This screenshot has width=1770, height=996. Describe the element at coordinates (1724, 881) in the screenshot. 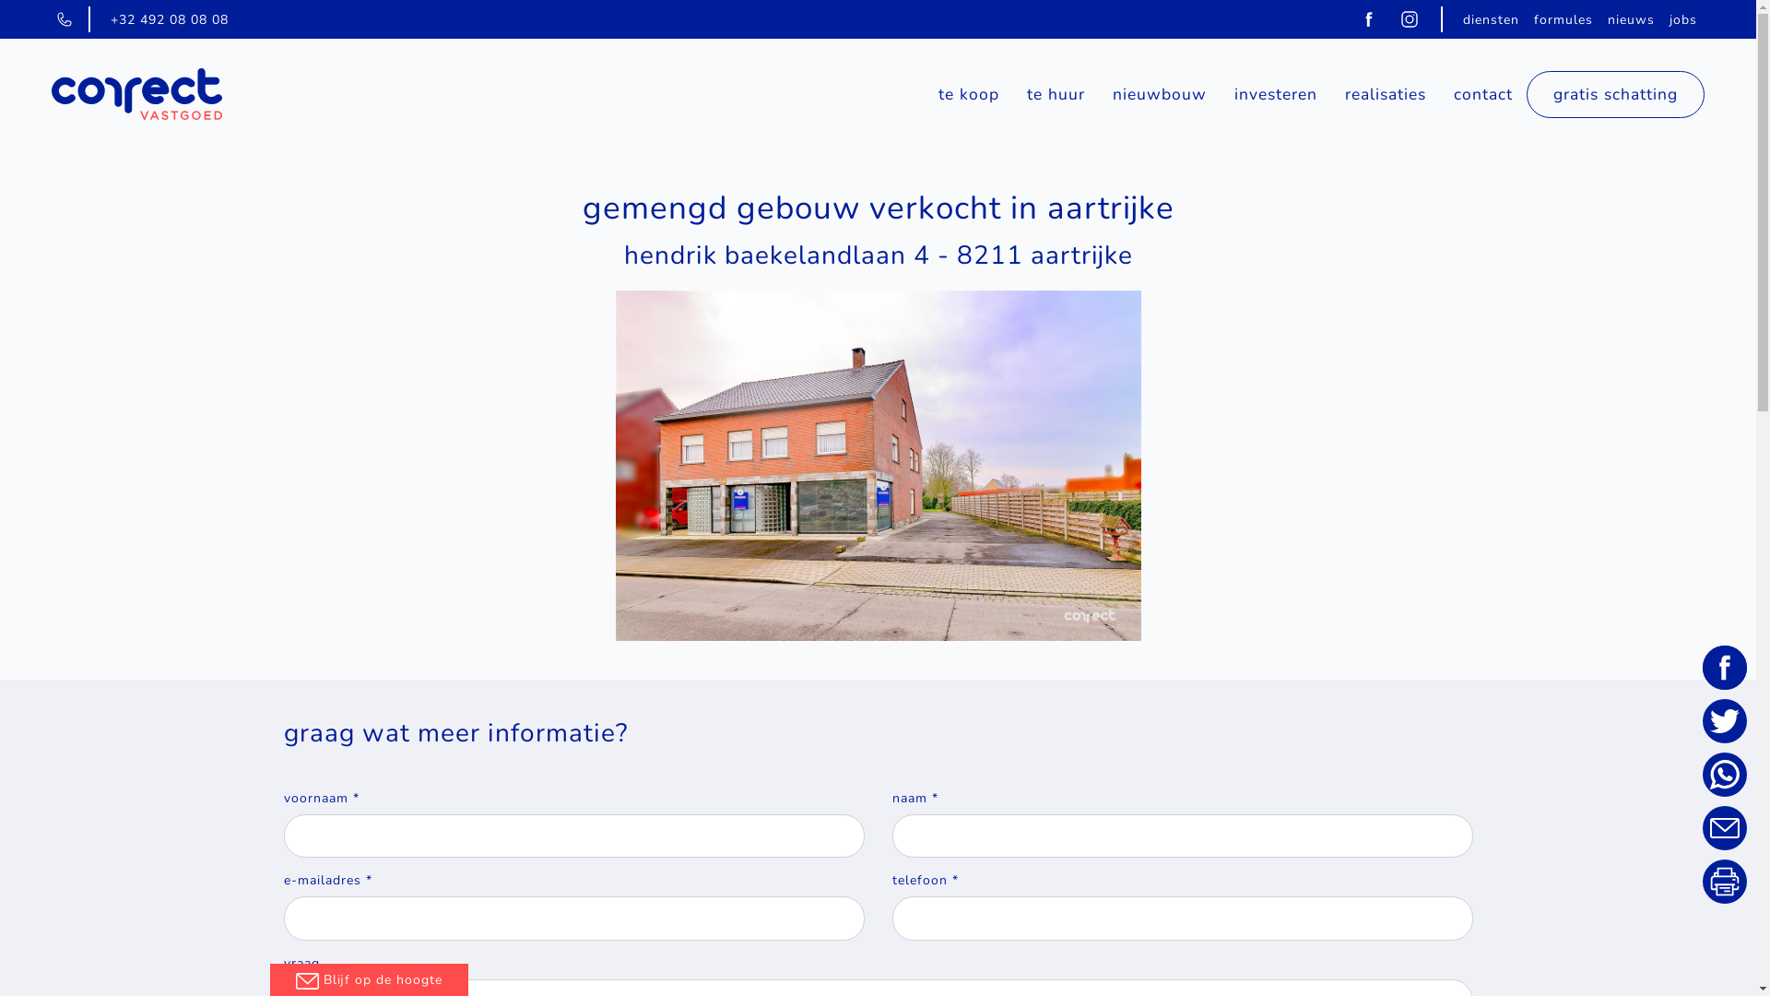

I see `'Afdrukken'` at that location.